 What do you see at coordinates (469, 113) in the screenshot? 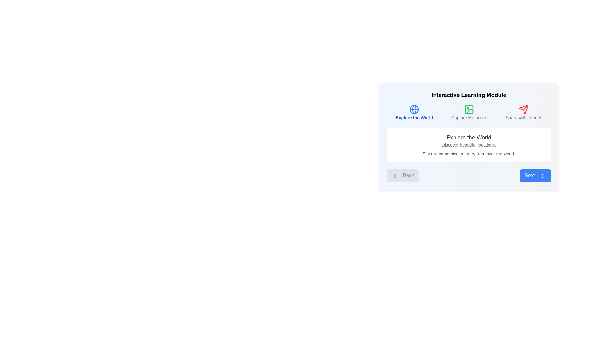
I see `the 'Capture Memories' button, which features a photo icon with green outlines and is positioned centrally among three options in the interface` at bounding box center [469, 113].